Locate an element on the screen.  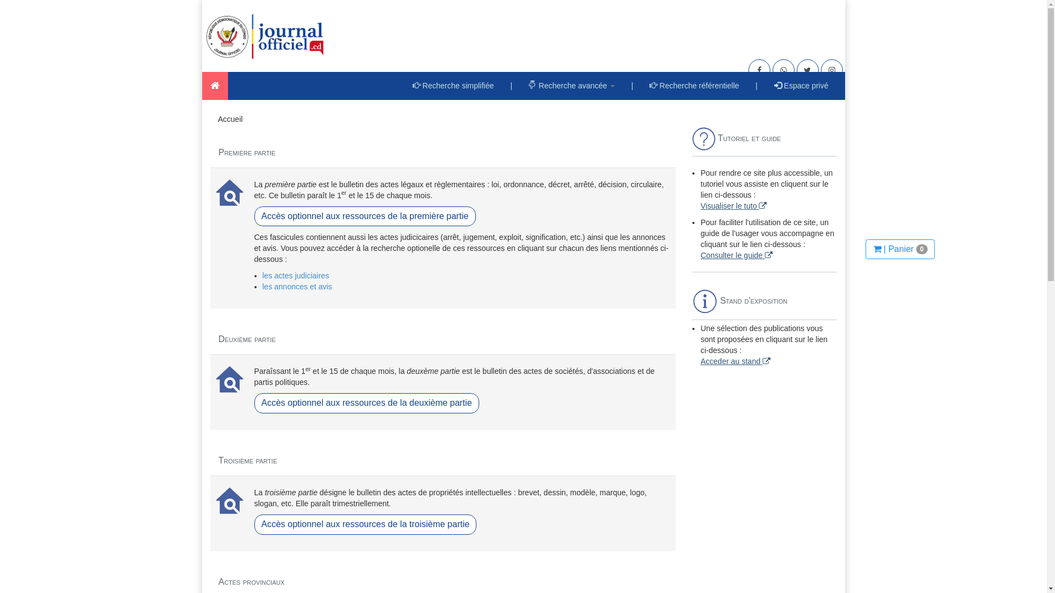
'Consulter le guide' is located at coordinates (736, 255).